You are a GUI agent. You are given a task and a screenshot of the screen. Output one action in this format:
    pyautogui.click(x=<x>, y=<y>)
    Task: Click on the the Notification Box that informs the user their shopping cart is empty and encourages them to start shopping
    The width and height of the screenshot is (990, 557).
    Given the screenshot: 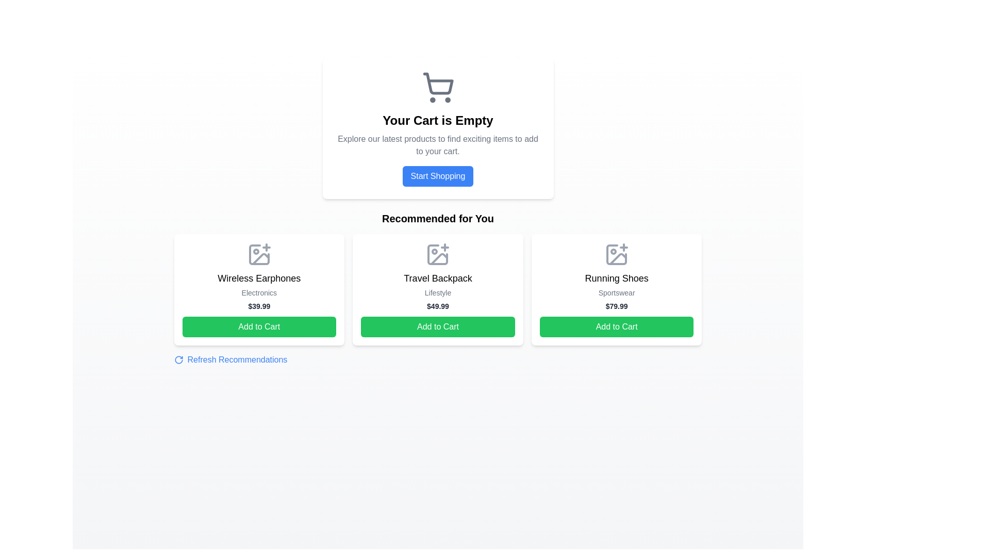 What is the action you would take?
    pyautogui.click(x=438, y=128)
    